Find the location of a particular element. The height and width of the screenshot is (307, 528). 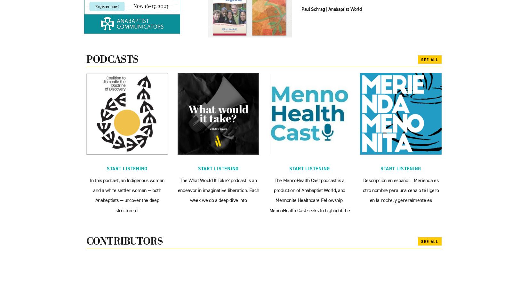

'The MennoHealth Cast podcast is a production of Anabaptist World, and Mennonite Healthcare Fellowship. MennoHealth Cast seeks to highlight the' is located at coordinates (309, 195).